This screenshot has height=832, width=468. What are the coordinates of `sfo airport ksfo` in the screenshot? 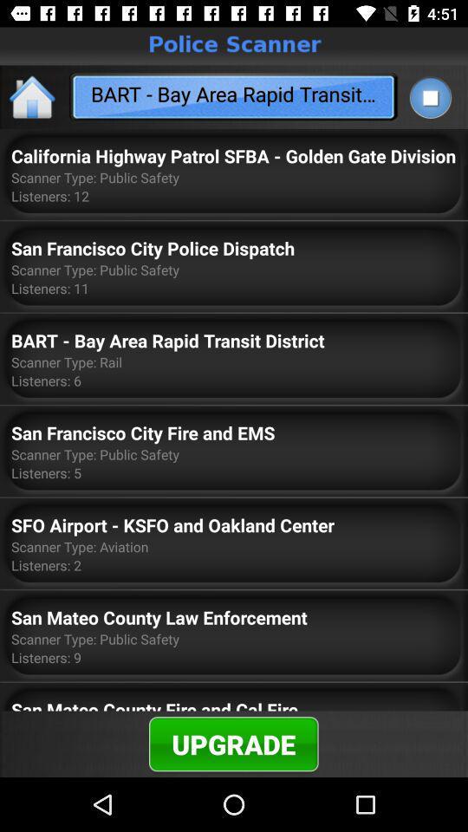 It's located at (172, 523).